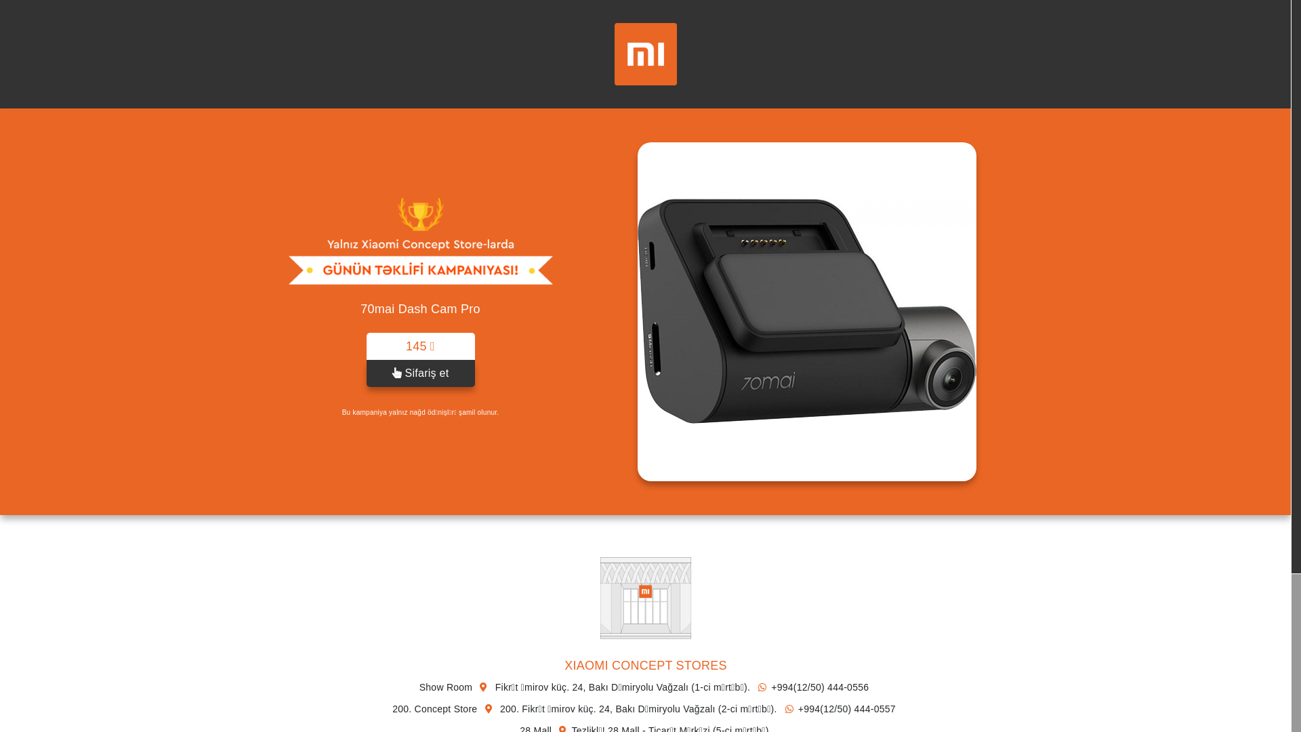  I want to click on '+994(12/50) 444-0556', so click(810, 687).